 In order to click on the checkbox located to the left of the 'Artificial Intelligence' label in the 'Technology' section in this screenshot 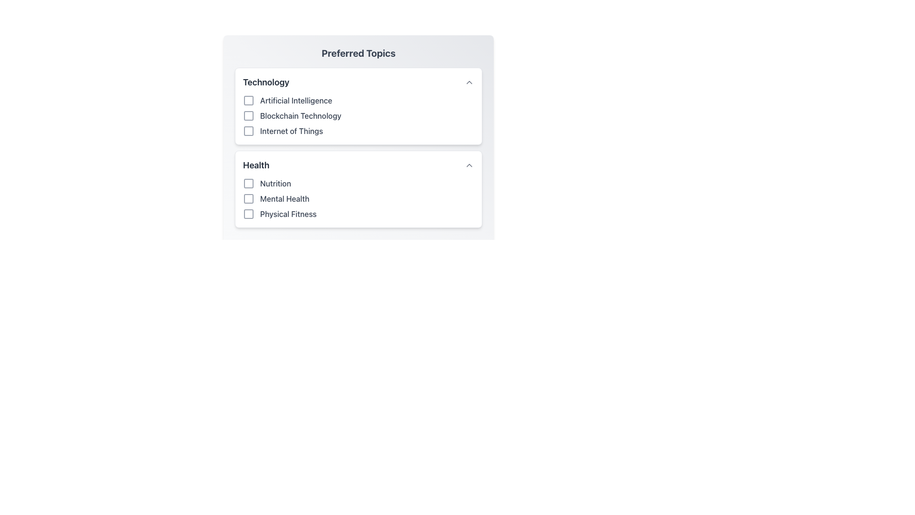, I will do `click(249, 101)`.